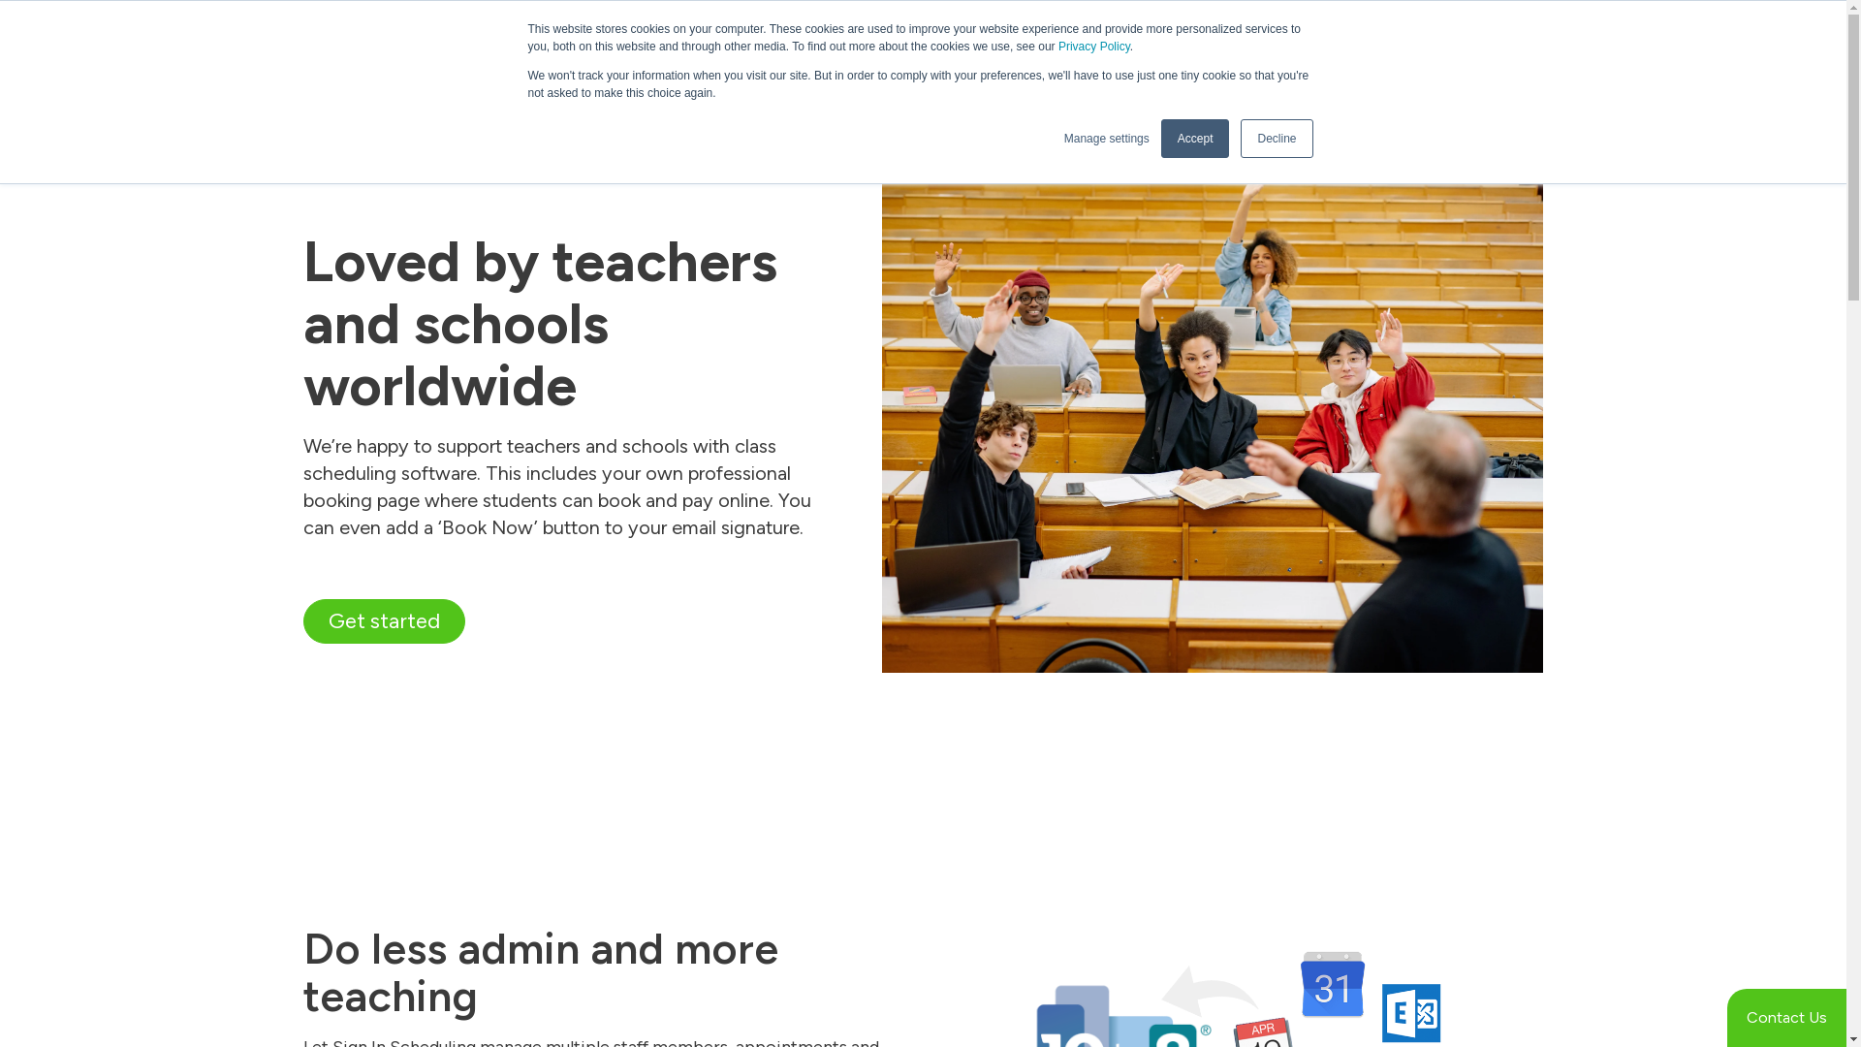  Describe the element at coordinates (1353, 83) in the screenshot. I see `'Book a call'` at that location.